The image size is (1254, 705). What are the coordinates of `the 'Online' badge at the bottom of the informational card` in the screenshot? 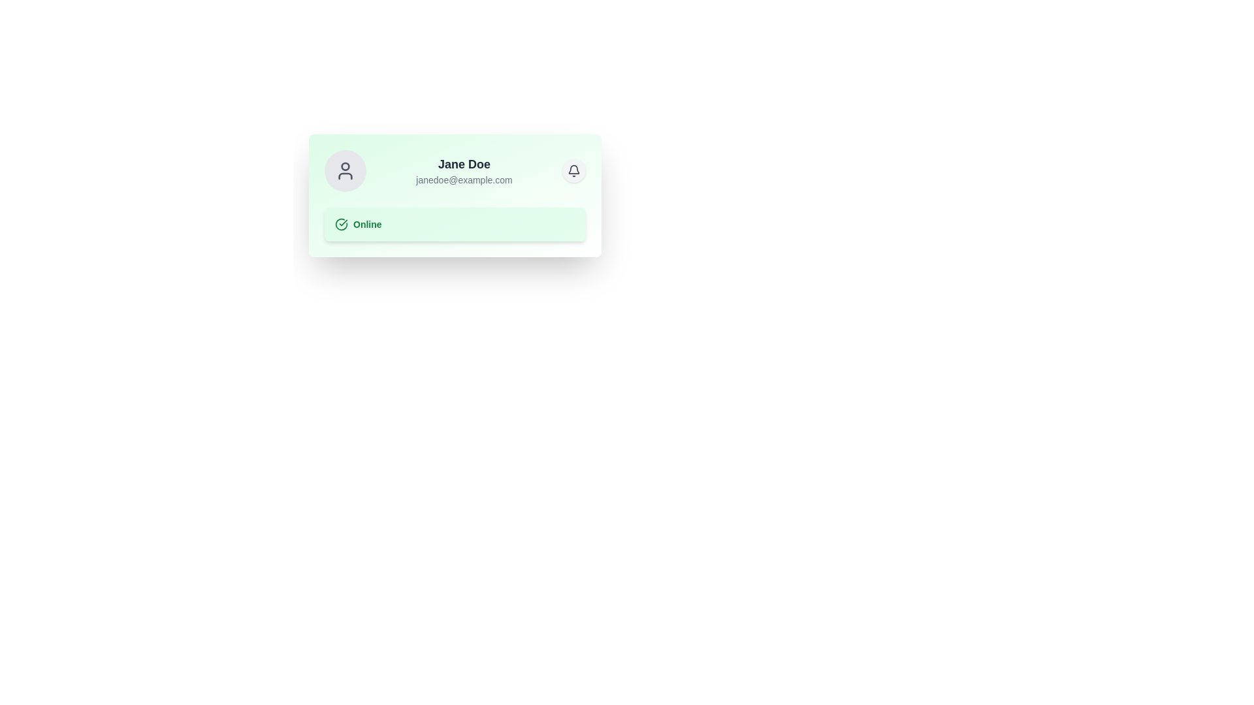 It's located at (455, 196).